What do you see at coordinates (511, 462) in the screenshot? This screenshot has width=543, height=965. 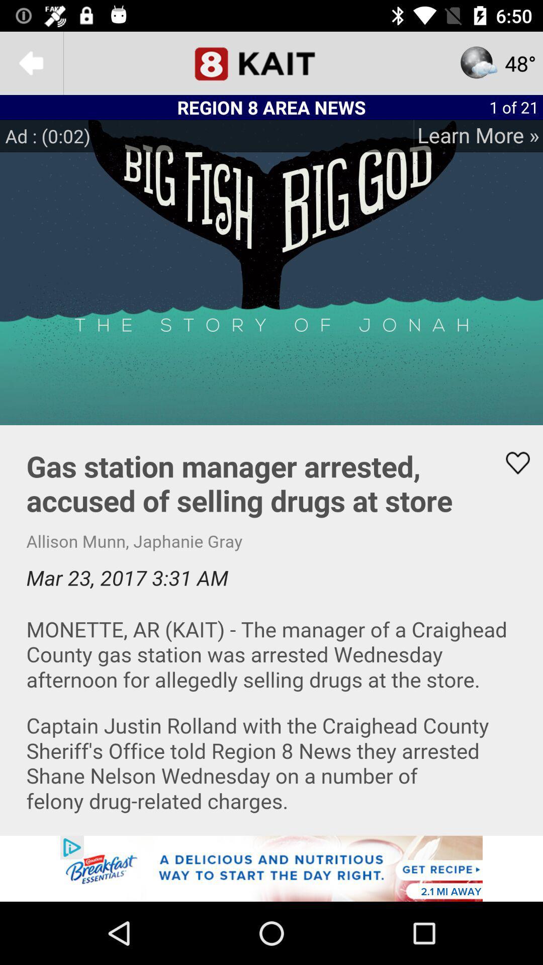 I see `highlighted button` at bounding box center [511, 462].